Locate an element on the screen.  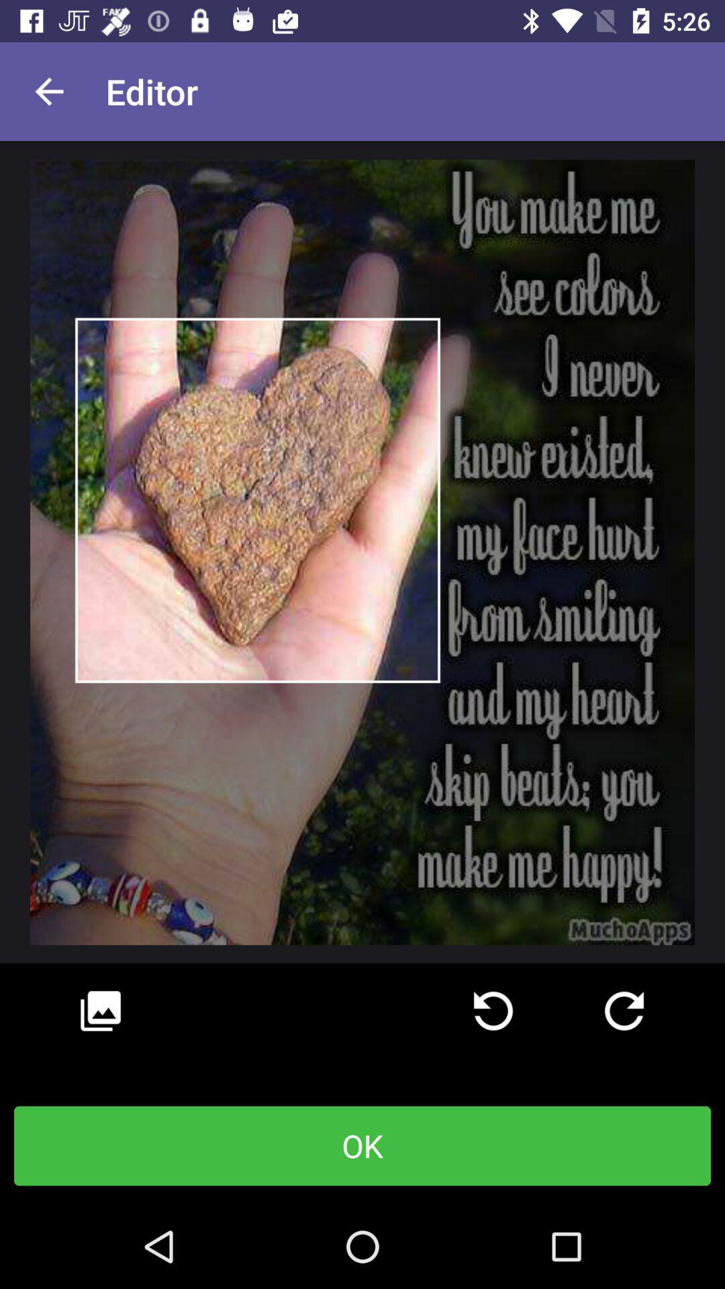
the ok item is located at coordinates (362, 1145).